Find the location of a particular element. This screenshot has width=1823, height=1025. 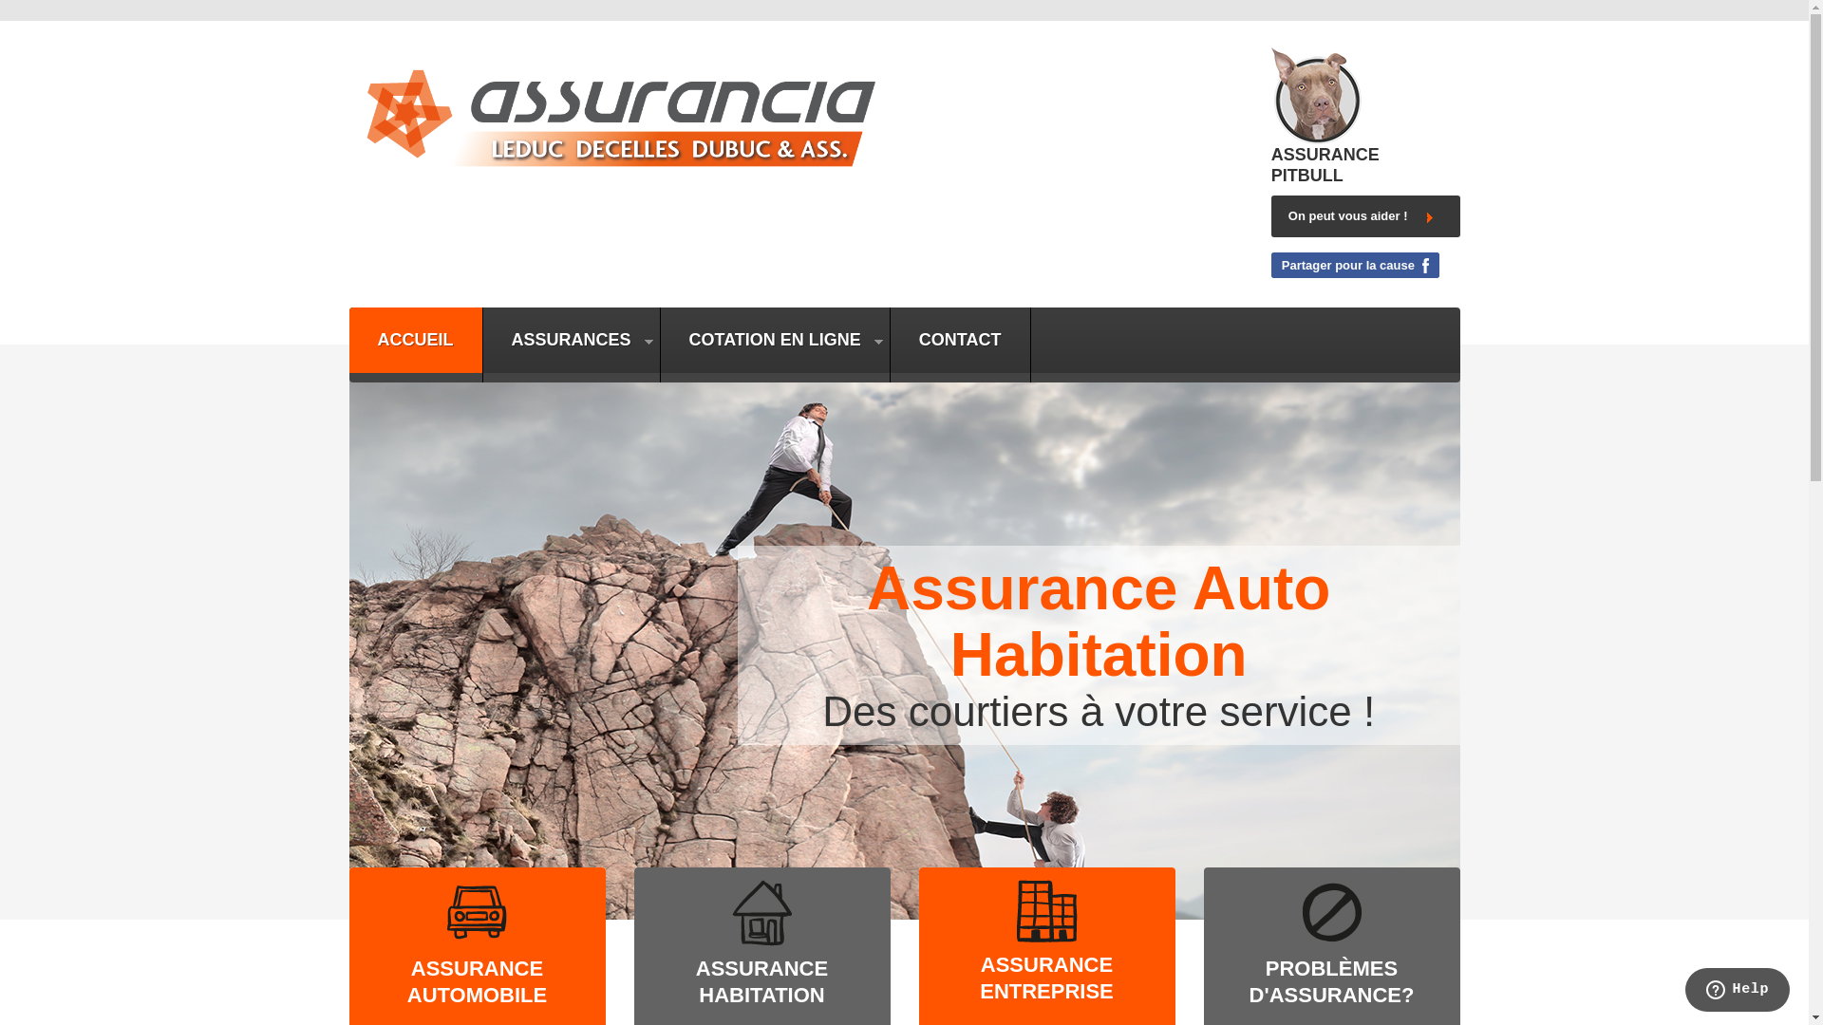

'ASSURANCE is located at coordinates (761, 981).